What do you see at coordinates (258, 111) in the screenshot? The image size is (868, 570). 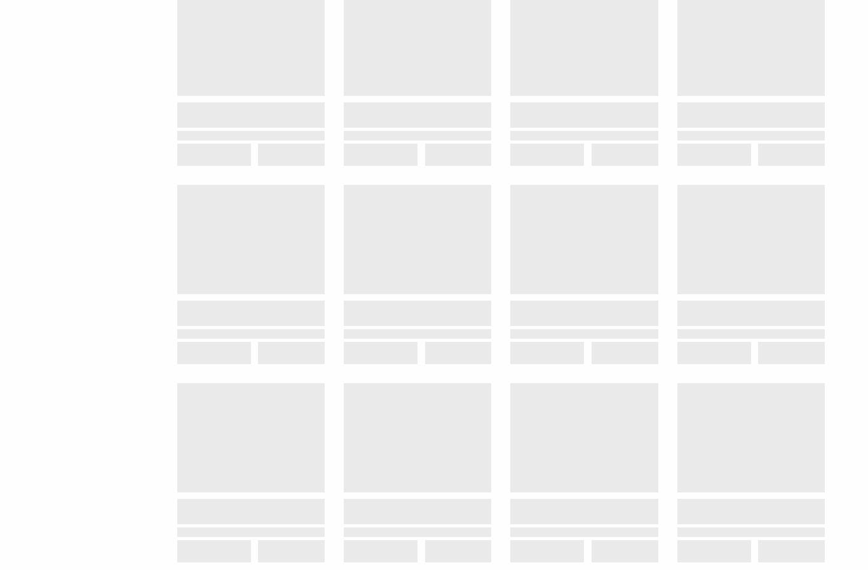 I see `'Grandville, MI 49418'` at bounding box center [258, 111].